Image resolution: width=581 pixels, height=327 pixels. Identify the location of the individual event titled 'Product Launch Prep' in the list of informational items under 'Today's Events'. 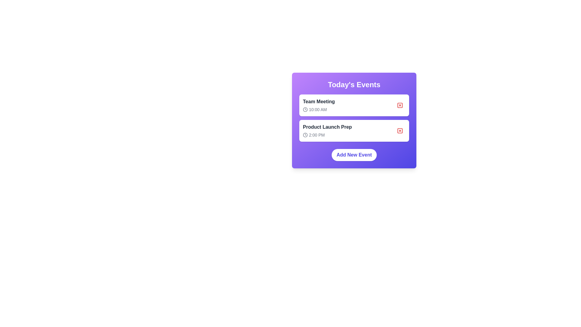
(354, 118).